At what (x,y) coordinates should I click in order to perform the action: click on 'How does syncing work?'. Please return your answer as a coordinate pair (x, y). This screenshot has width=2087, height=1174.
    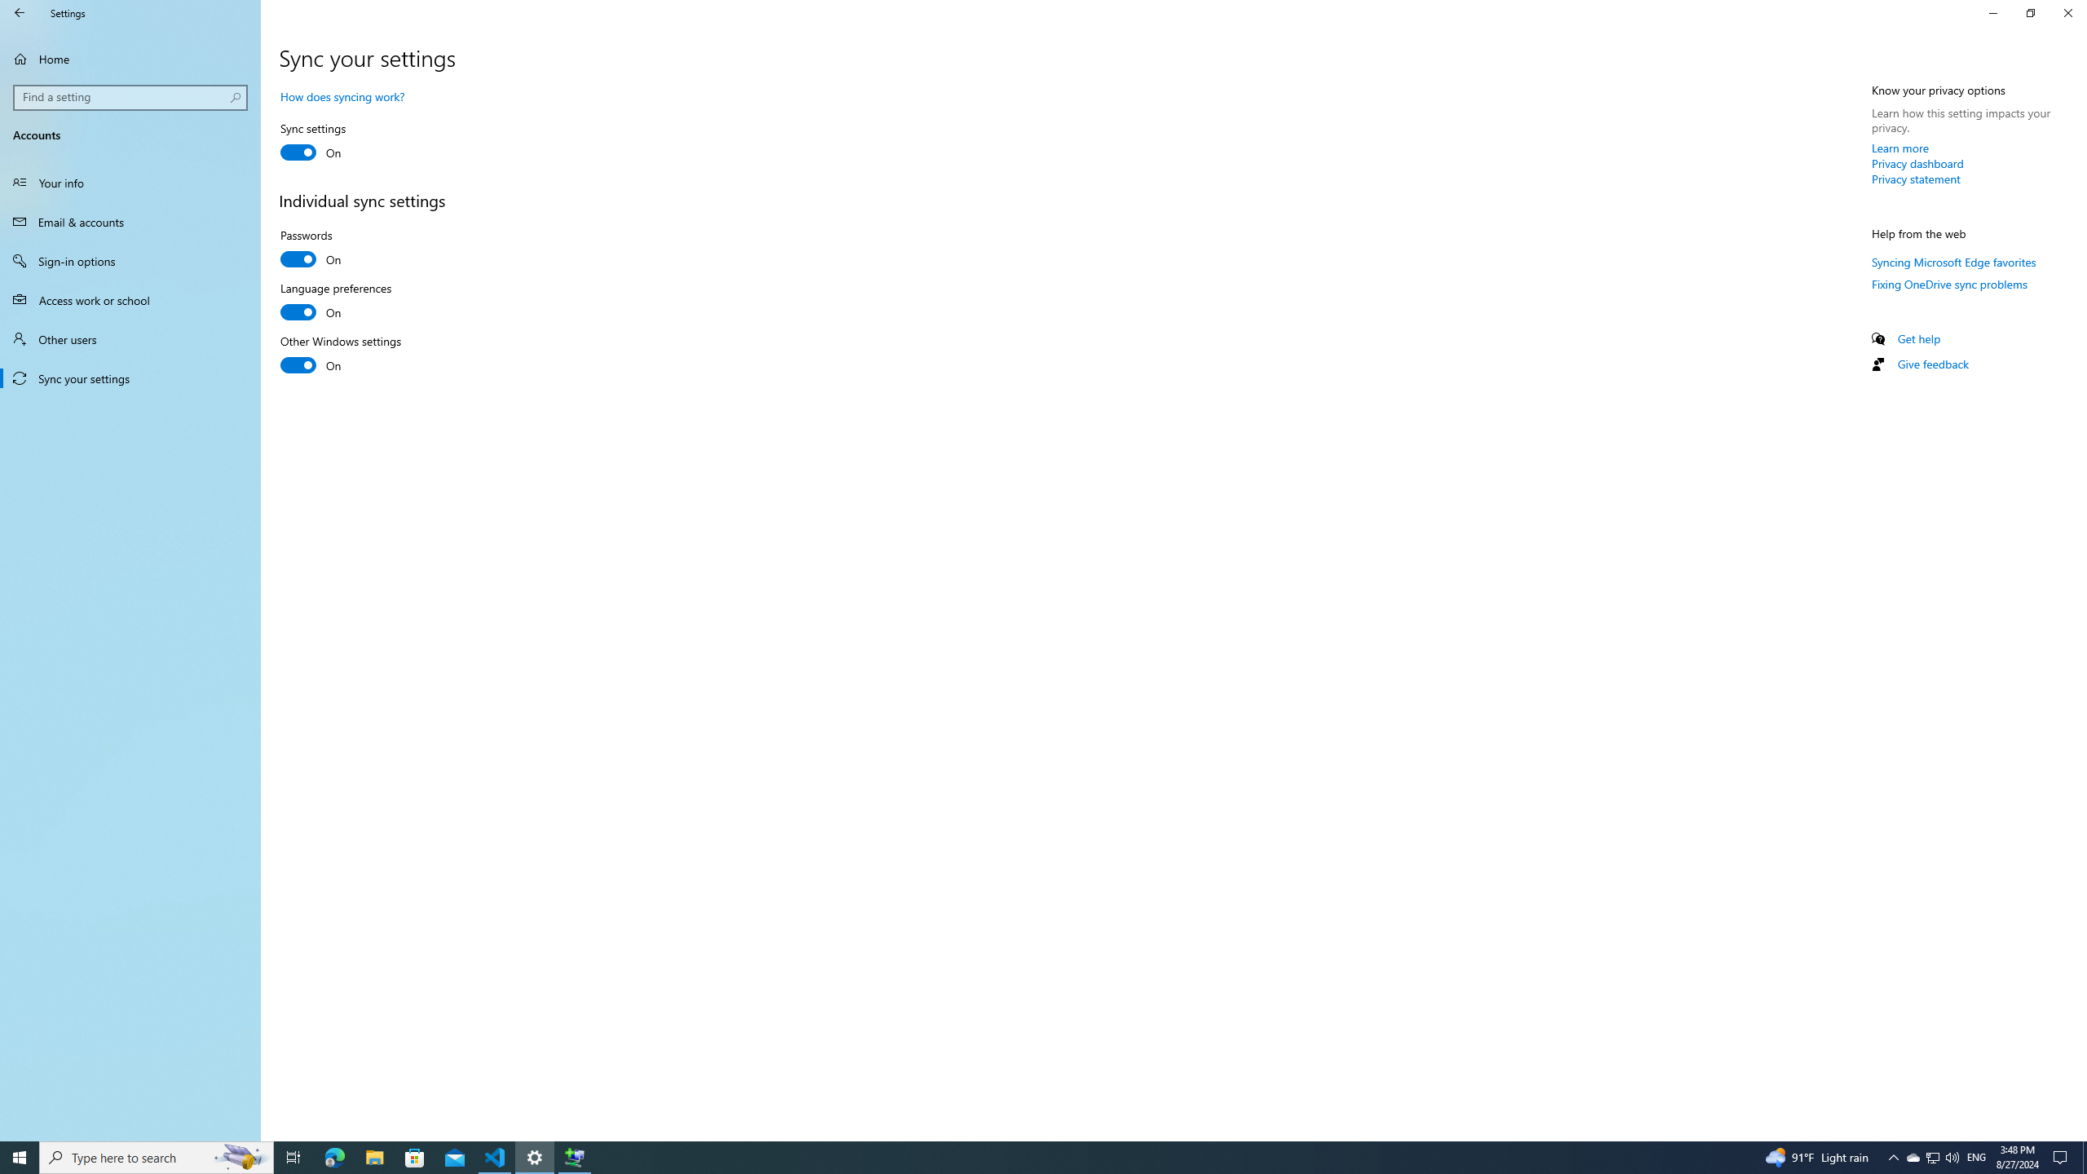
    Looking at the image, I should click on (342, 96).